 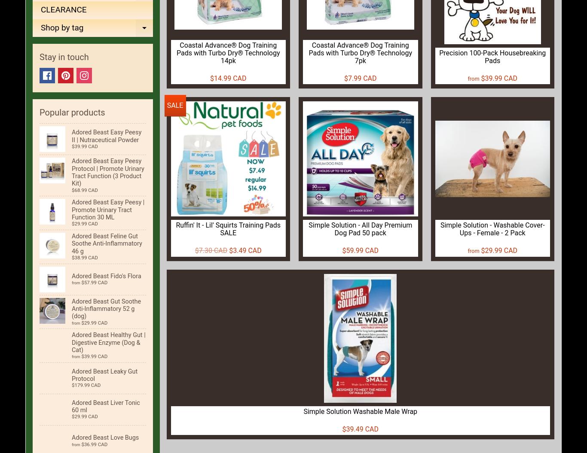 What do you see at coordinates (228, 53) in the screenshot?
I see `'Coastal Advance® Dog Training Pads with Turbo Dry® Technology 14pk'` at bounding box center [228, 53].